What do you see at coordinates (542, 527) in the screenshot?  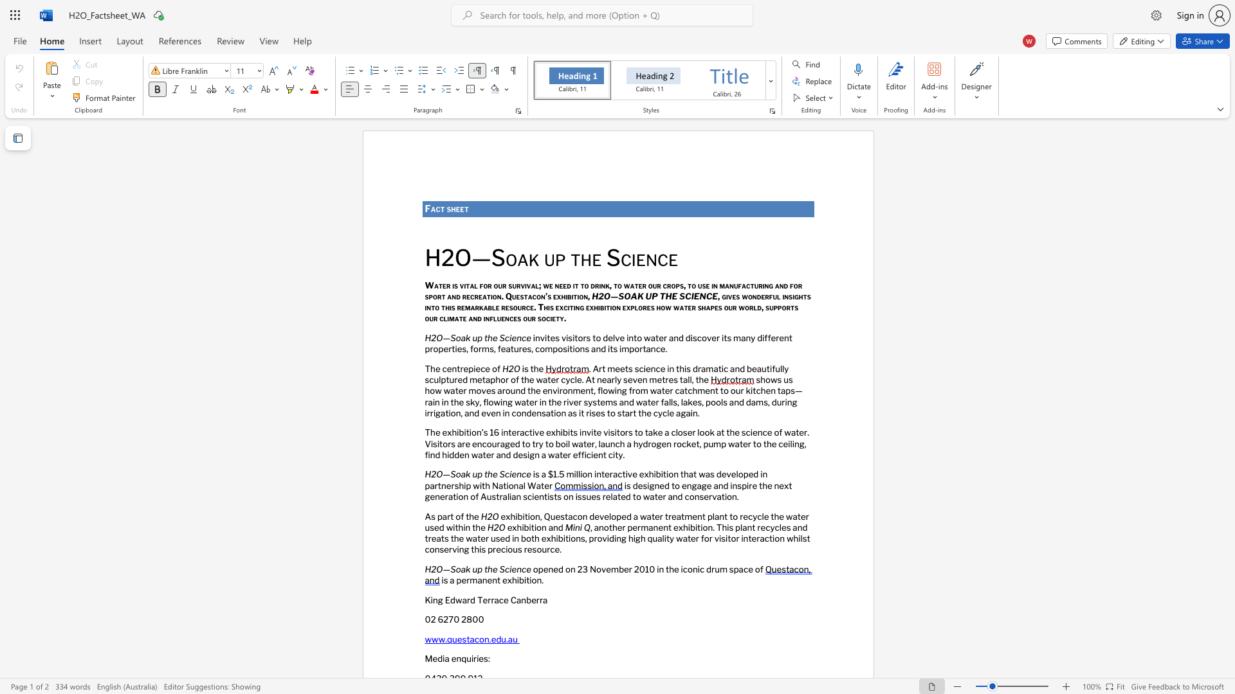 I see `the subset text "n and" within the text "exhibition and"` at bounding box center [542, 527].